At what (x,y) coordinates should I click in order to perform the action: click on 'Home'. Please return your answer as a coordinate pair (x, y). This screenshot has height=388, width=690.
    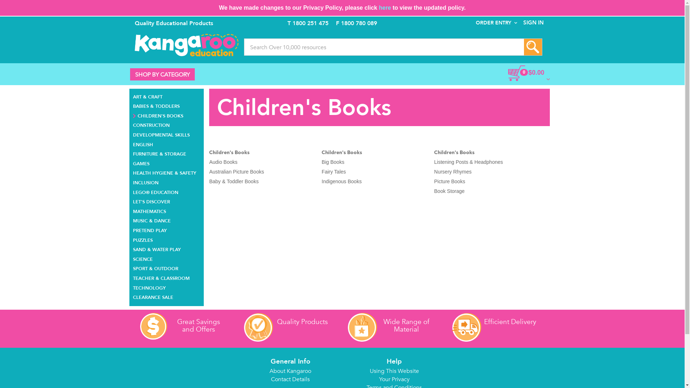
    Looking at the image, I should click on (186, 45).